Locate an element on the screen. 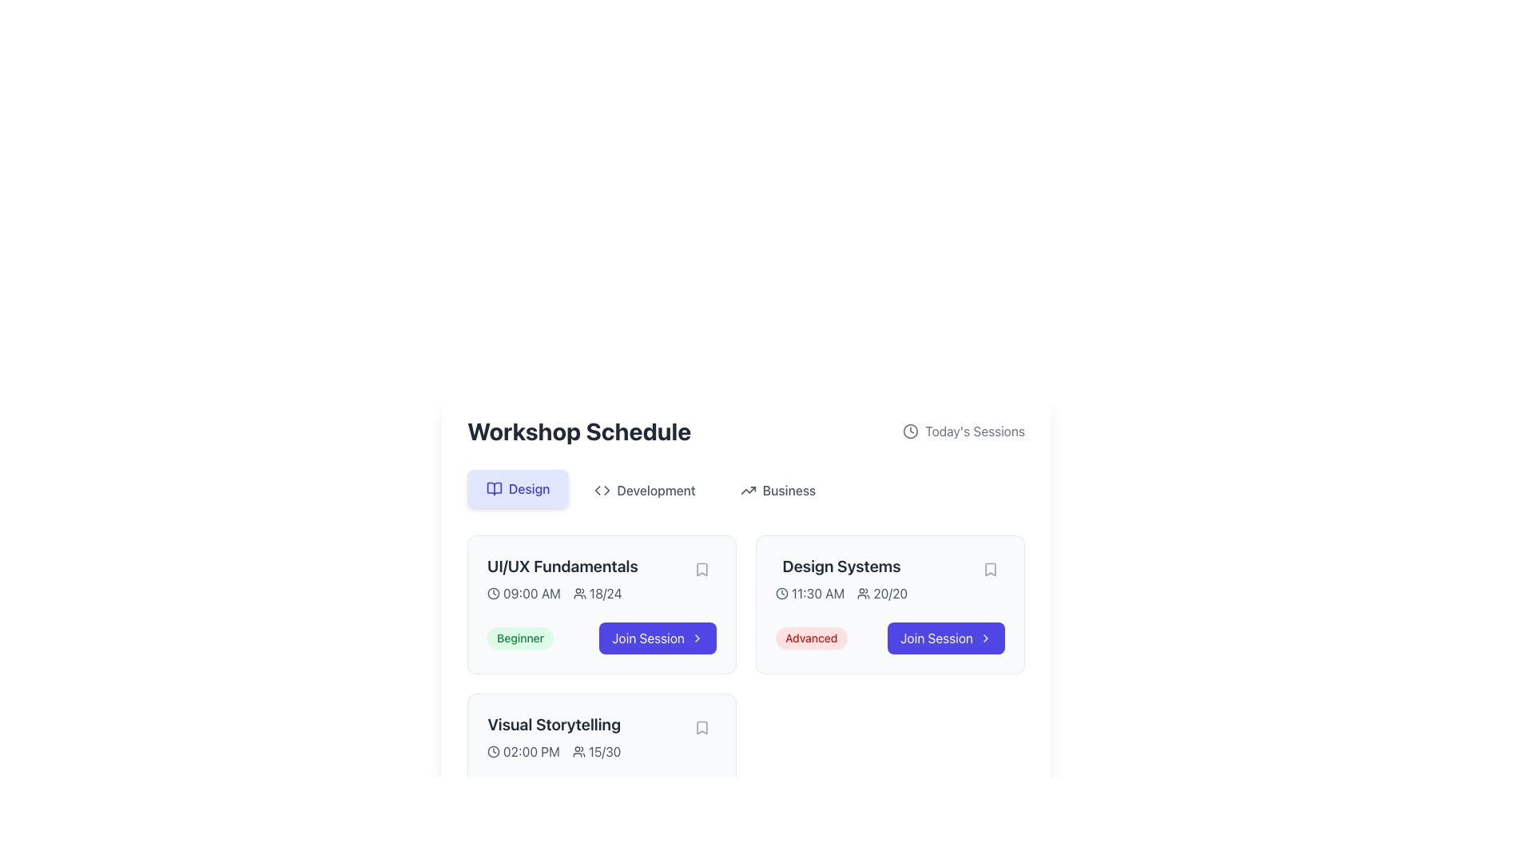 The width and height of the screenshot is (1534, 863). text label displaying '20/20' that is located next to an icon of two user silhouettes in the 'Design Systems' session card, specifically the second text element in the vertical list is located at coordinates (881, 594).